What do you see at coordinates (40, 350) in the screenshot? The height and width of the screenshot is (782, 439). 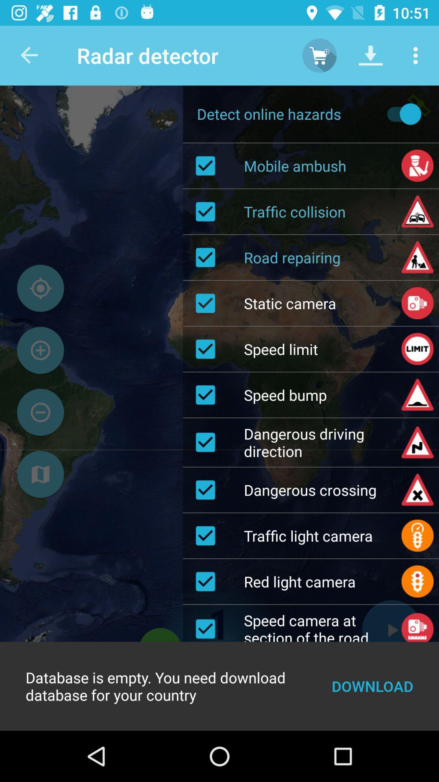 I see `the add icon` at bounding box center [40, 350].